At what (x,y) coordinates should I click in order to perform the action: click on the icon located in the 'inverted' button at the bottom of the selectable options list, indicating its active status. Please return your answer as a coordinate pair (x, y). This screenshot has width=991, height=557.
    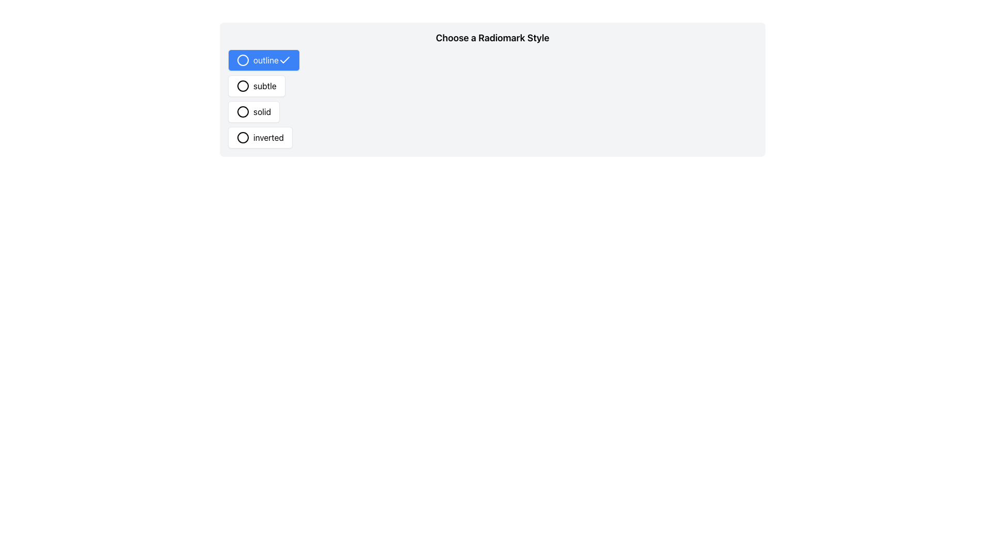
    Looking at the image, I should click on (242, 137).